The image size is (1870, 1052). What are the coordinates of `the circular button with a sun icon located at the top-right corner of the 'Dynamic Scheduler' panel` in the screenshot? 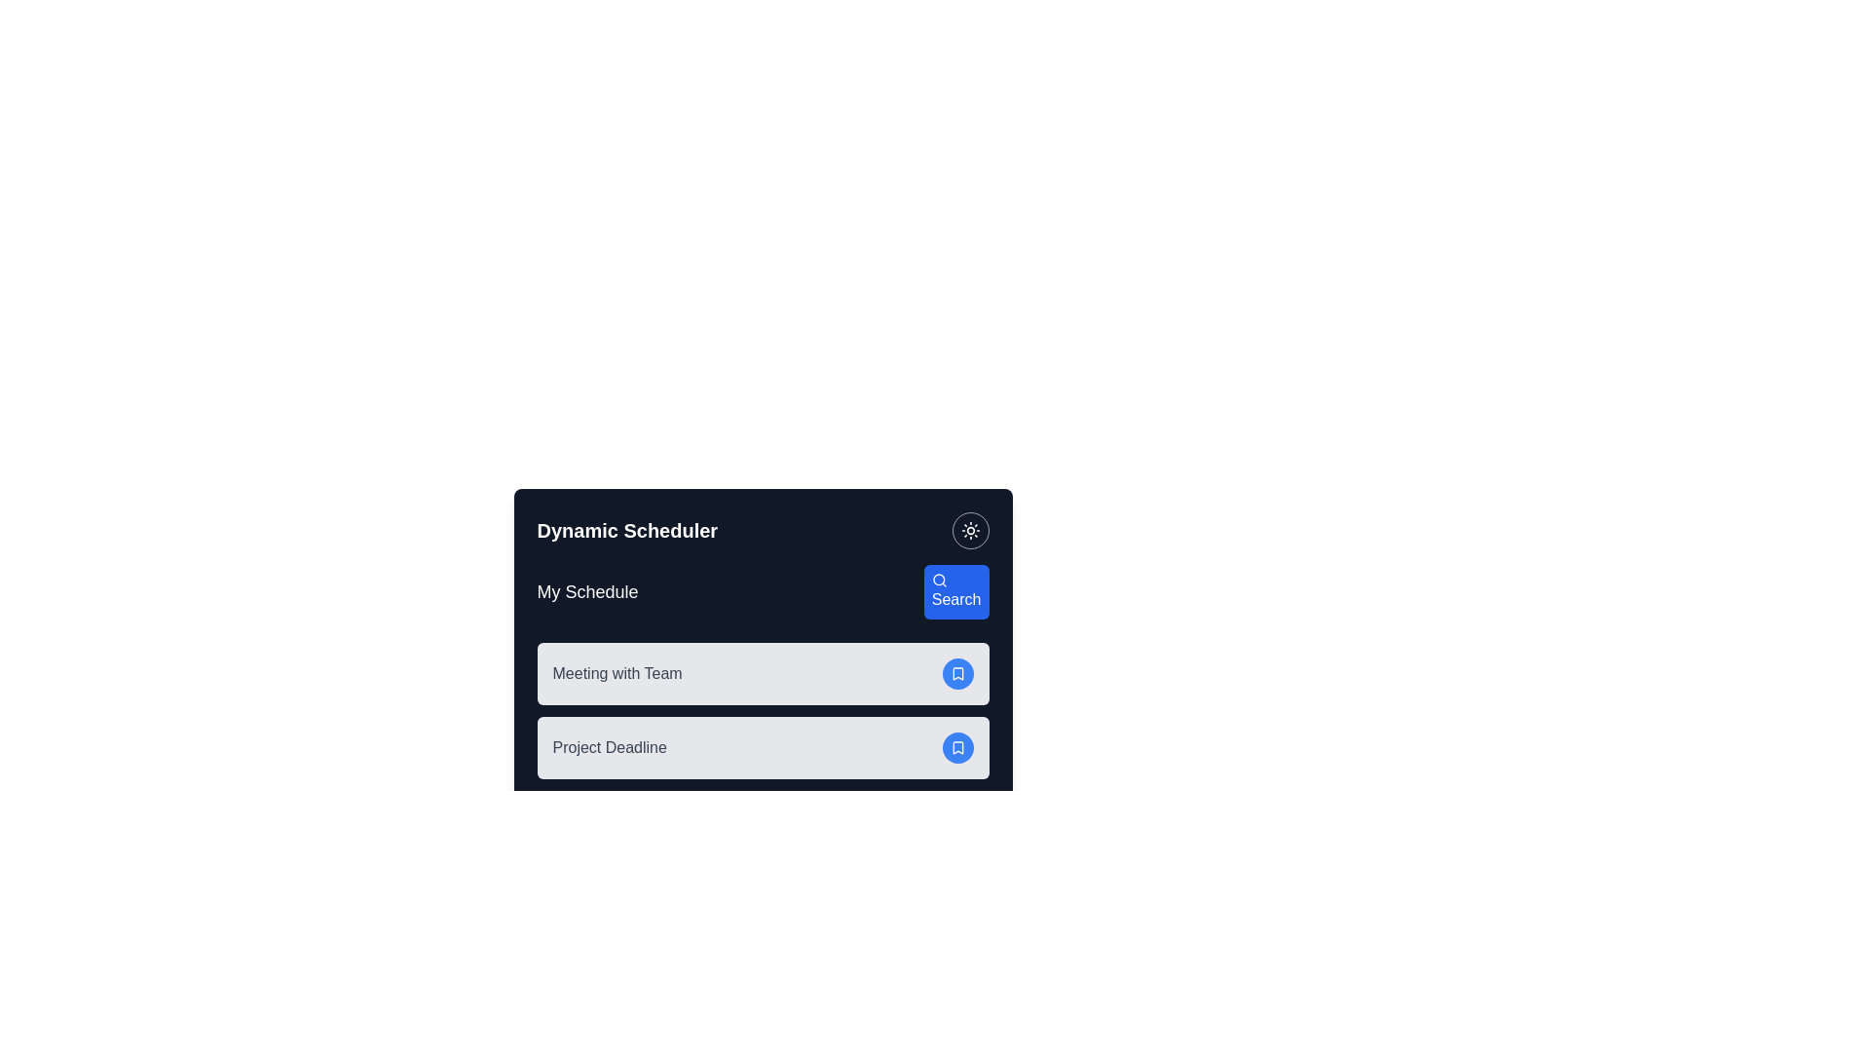 It's located at (970, 530).